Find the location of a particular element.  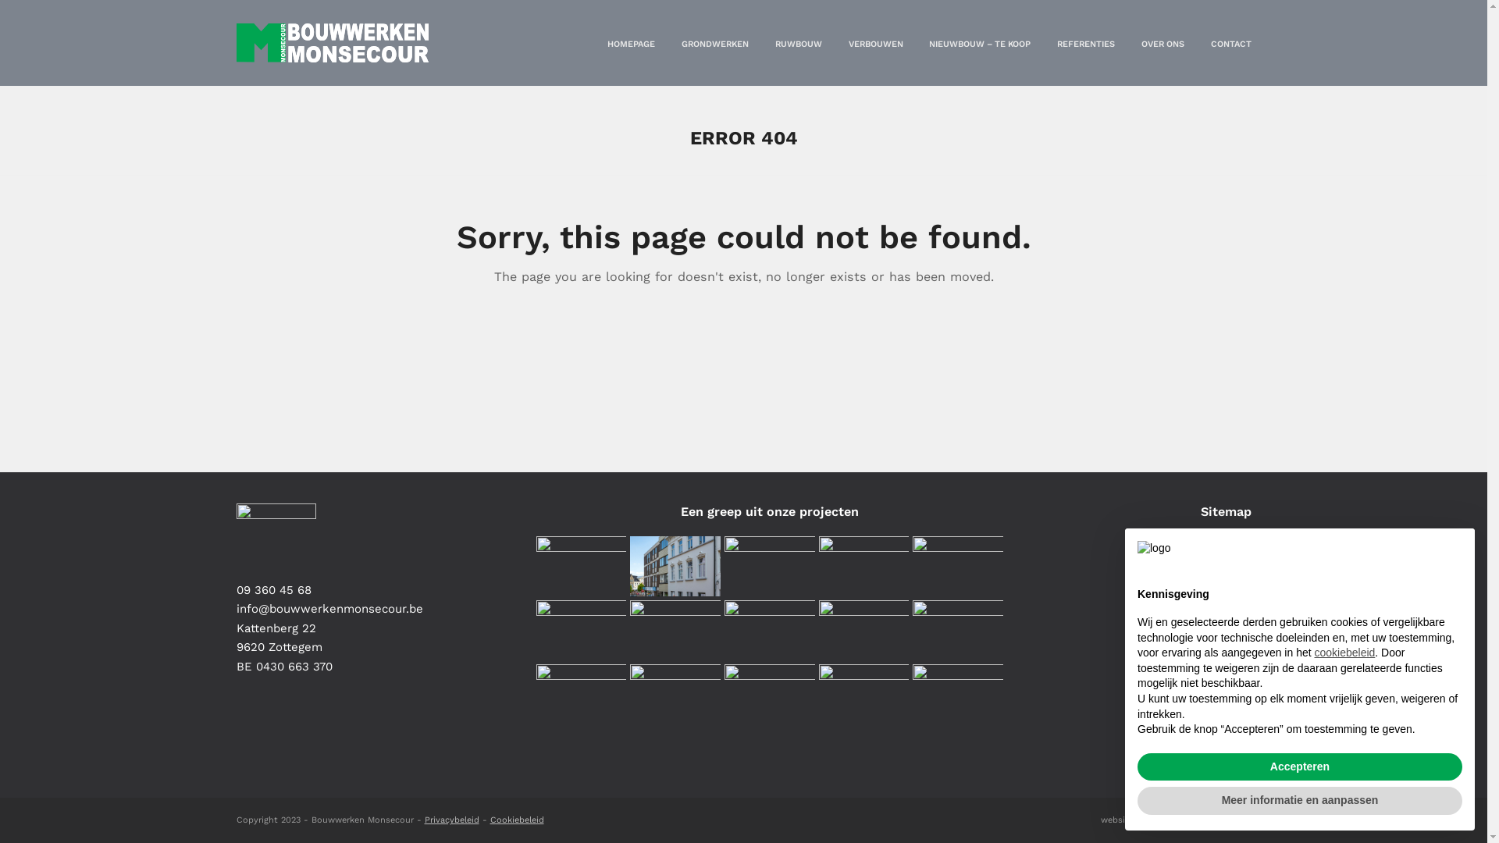

'CONTACT' is located at coordinates (1229, 41).